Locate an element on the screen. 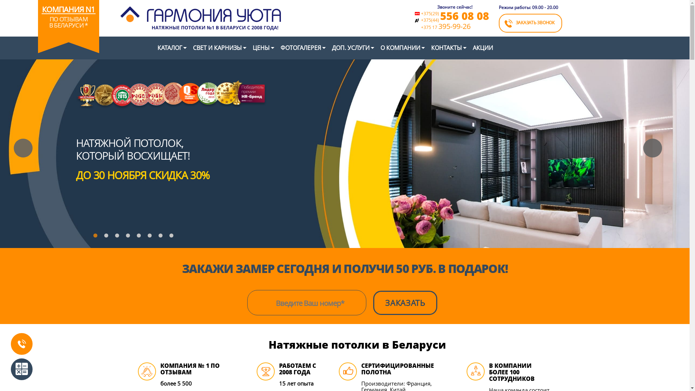  '+375(29)' is located at coordinates (420, 13).